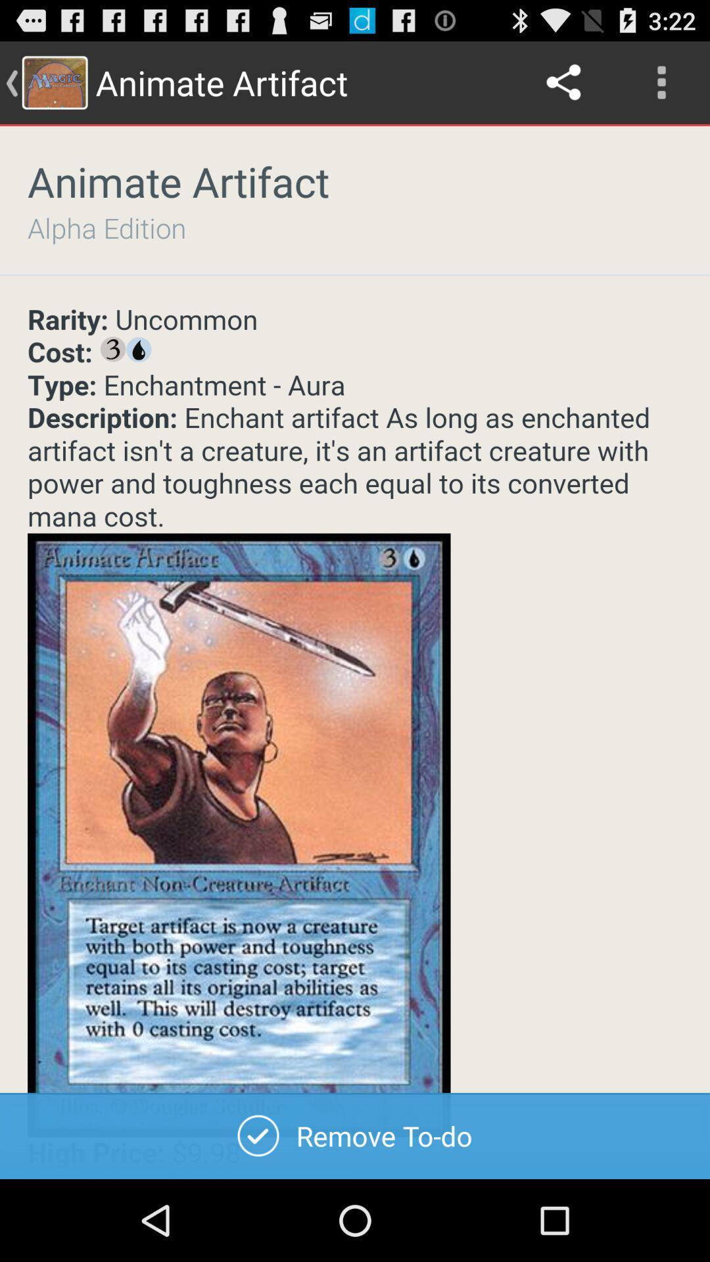 This screenshot has width=710, height=1262. Describe the element at coordinates (564, 82) in the screenshot. I see `item to the right of the animate artifact icon` at that location.